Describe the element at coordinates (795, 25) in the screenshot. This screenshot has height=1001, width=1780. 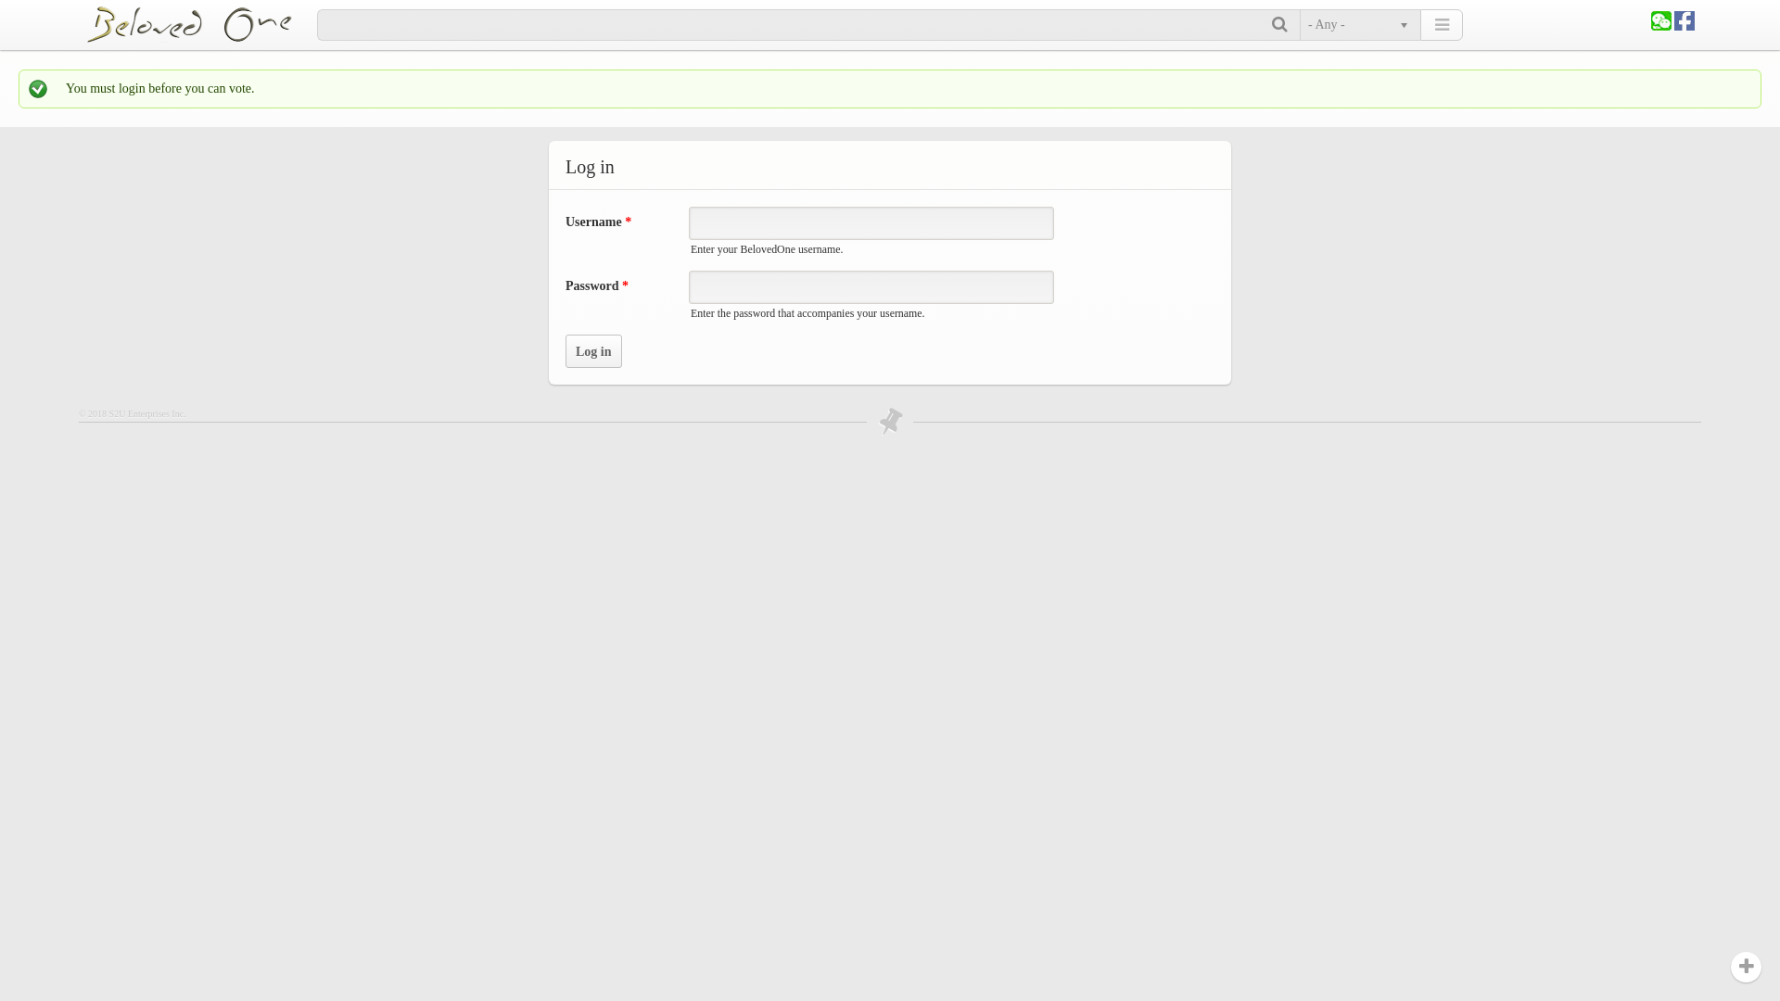
I see `'Enter the terms you wish to search for.'` at that location.